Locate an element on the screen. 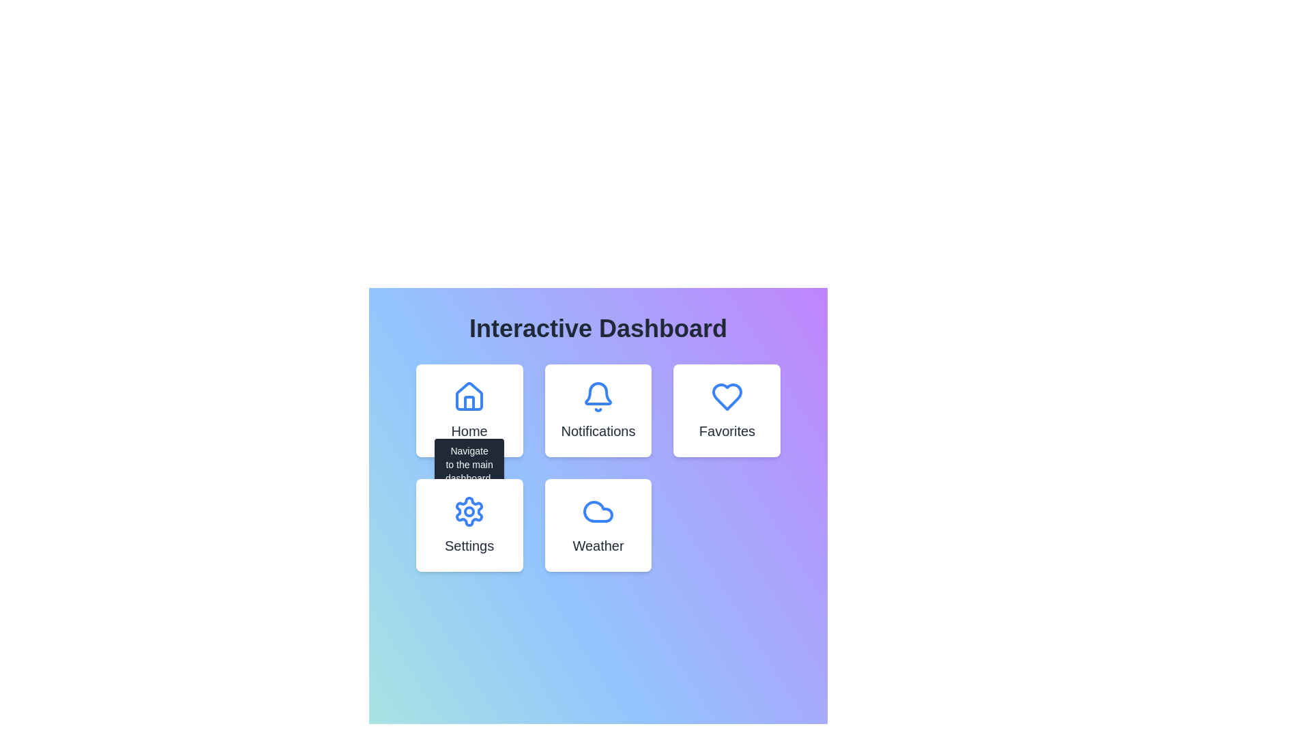 This screenshot has width=1310, height=737. the Interactive card featuring a blue bell icon and the text 'Notifications' which is the second card from the left in the first row of a grid layout is located at coordinates (598, 409).